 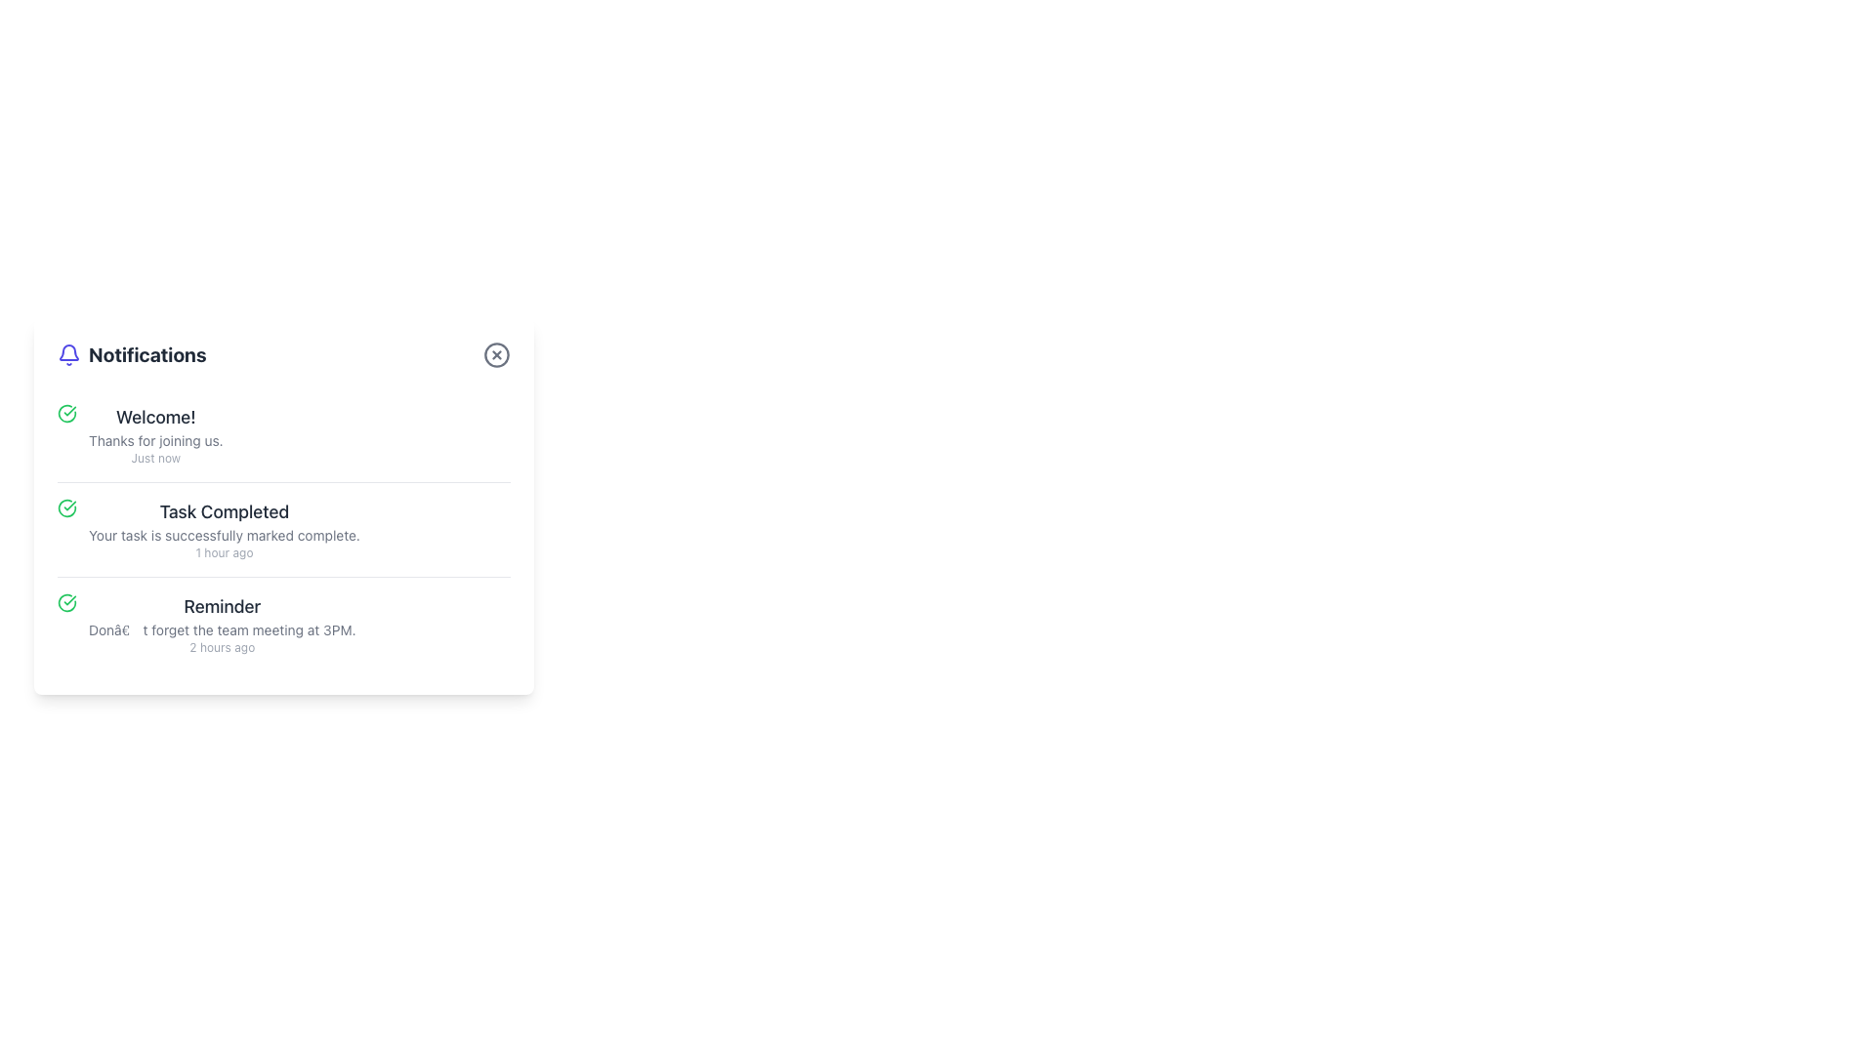 I want to click on the second notification item in the list, which informs the user about the successful completion of a task, so click(x=225, y=530).